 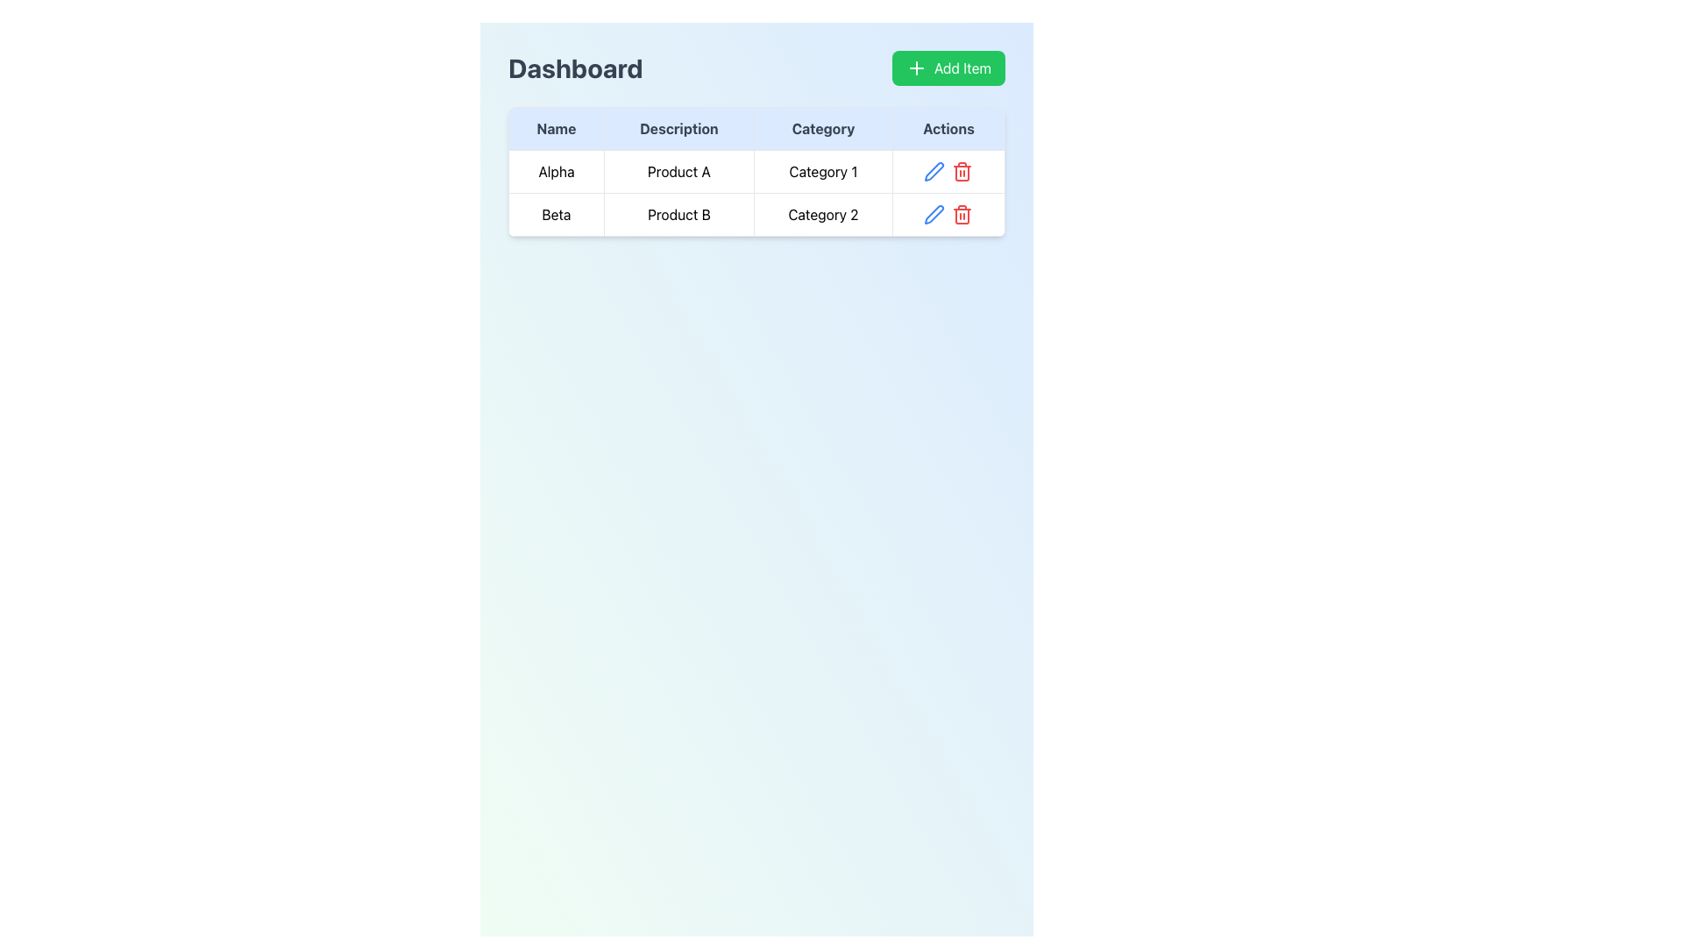 I want to click on the delete action button, which is the second icon in the 'Actions' column under the table, so click(x=962, y=172).